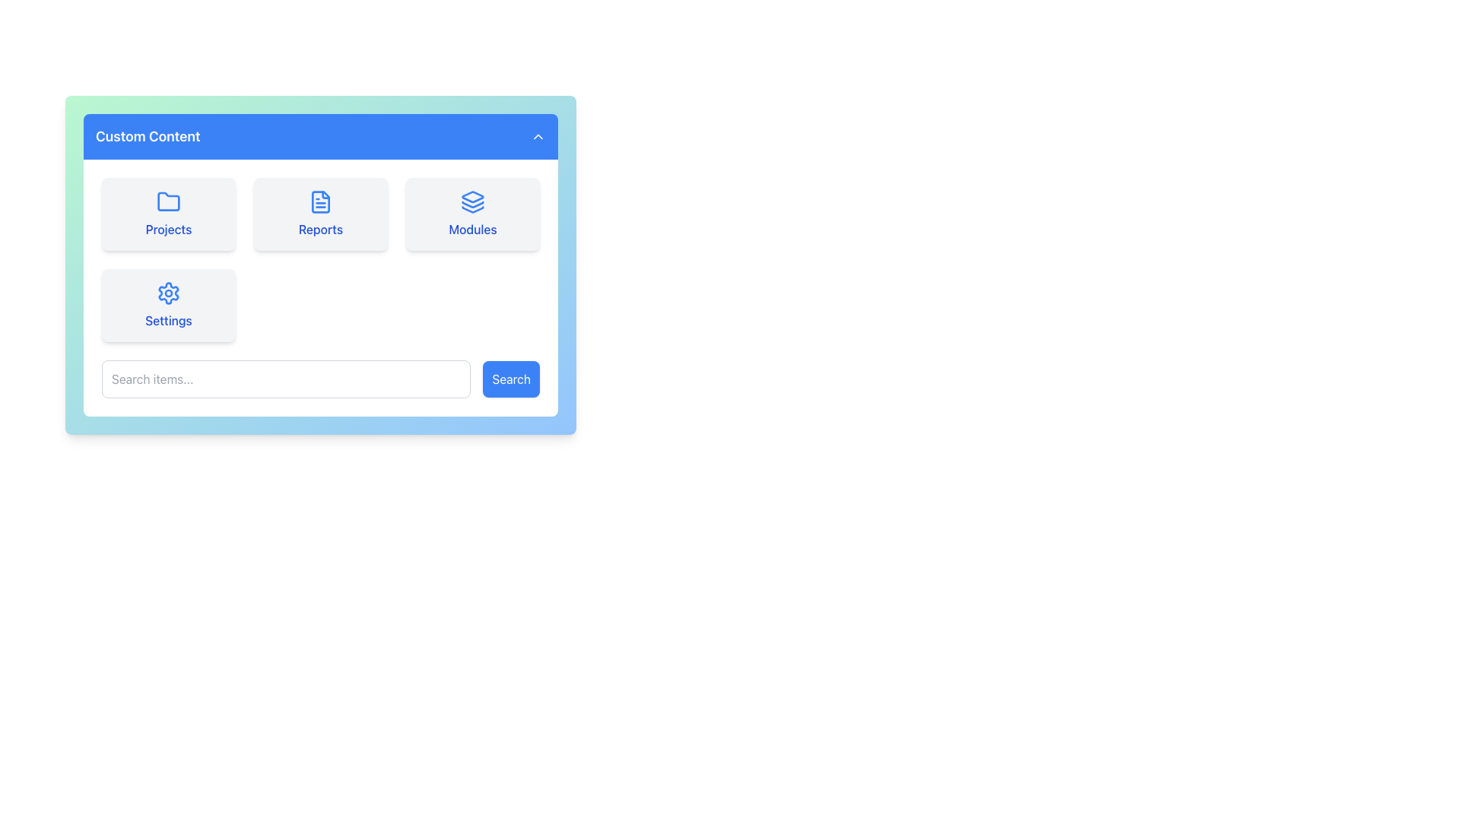  I want to click on the settings button-like card component located in the bottom-left corner of the grid, which is the fourth option in the navigational cards, so click(168, 305).